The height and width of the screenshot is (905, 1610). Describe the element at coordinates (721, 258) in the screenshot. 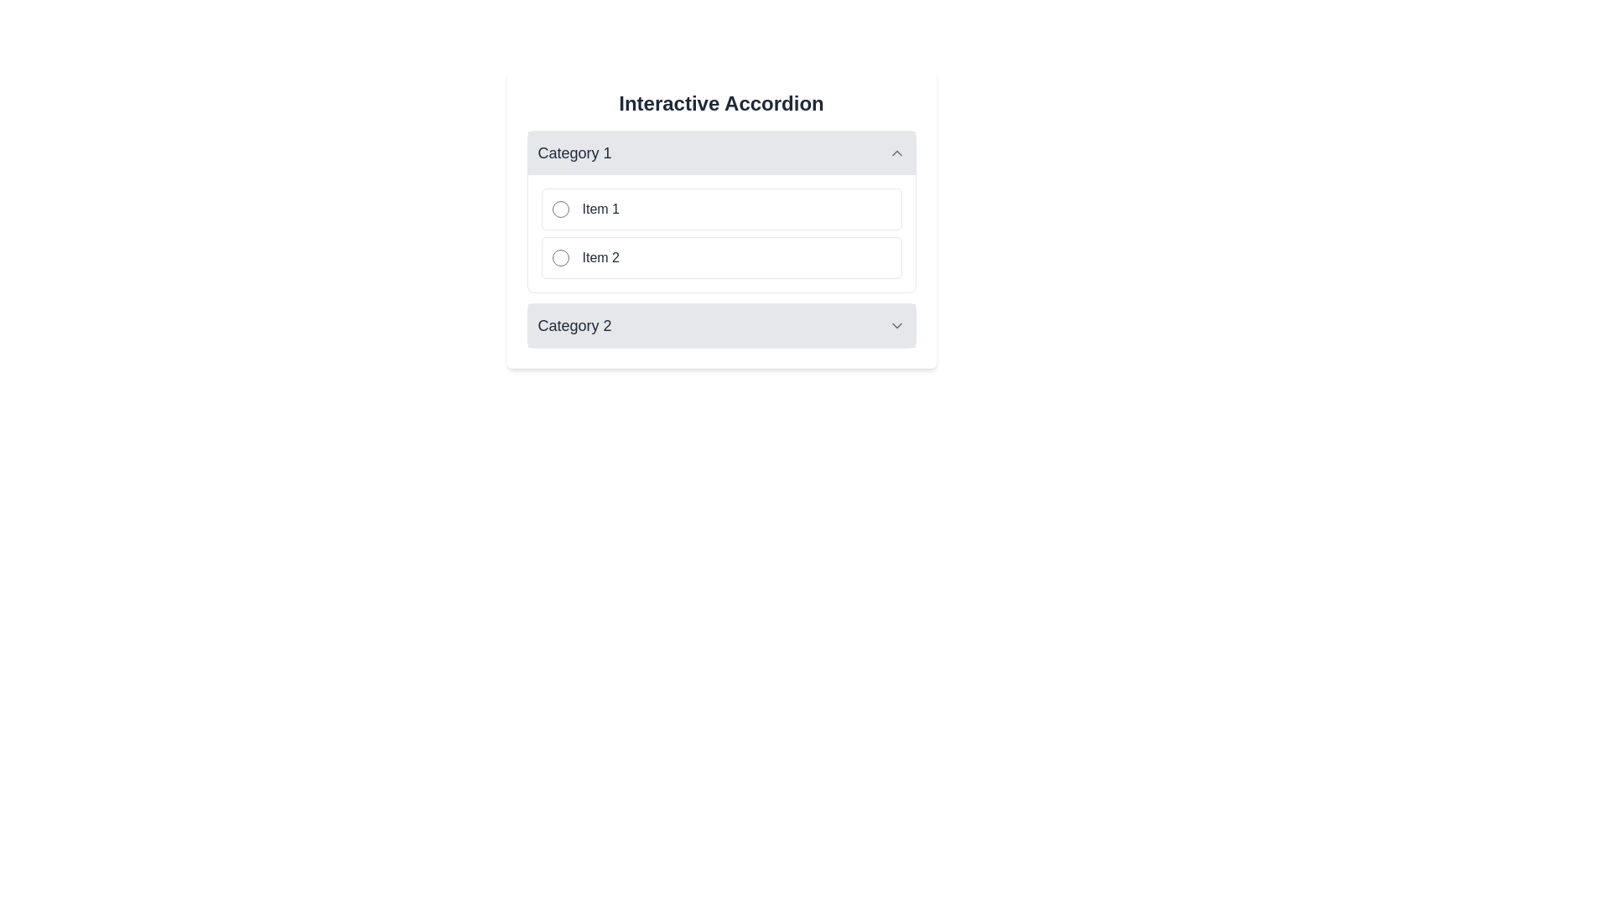

I see `the selectable list item with a radio button labeled 'Item 2' for accessibility navigation` at that location.